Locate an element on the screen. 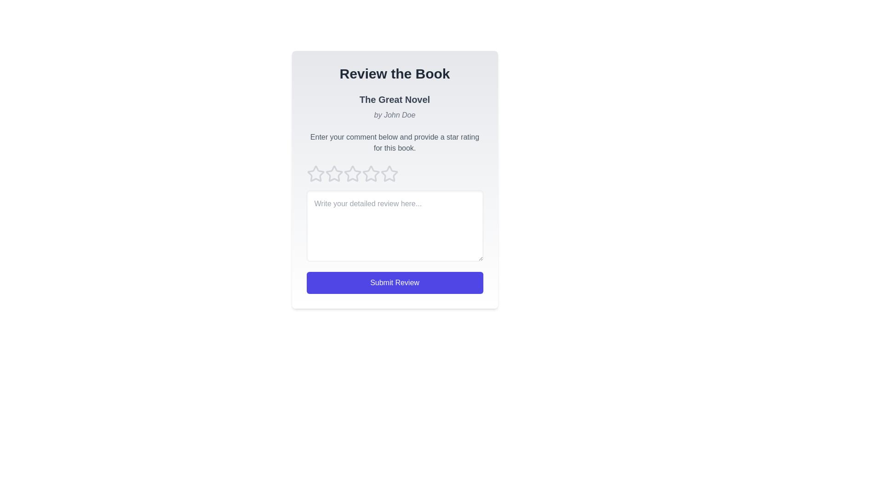  the star icon corresponding to 1 to preview the rating is located at coordinates (315, 174).